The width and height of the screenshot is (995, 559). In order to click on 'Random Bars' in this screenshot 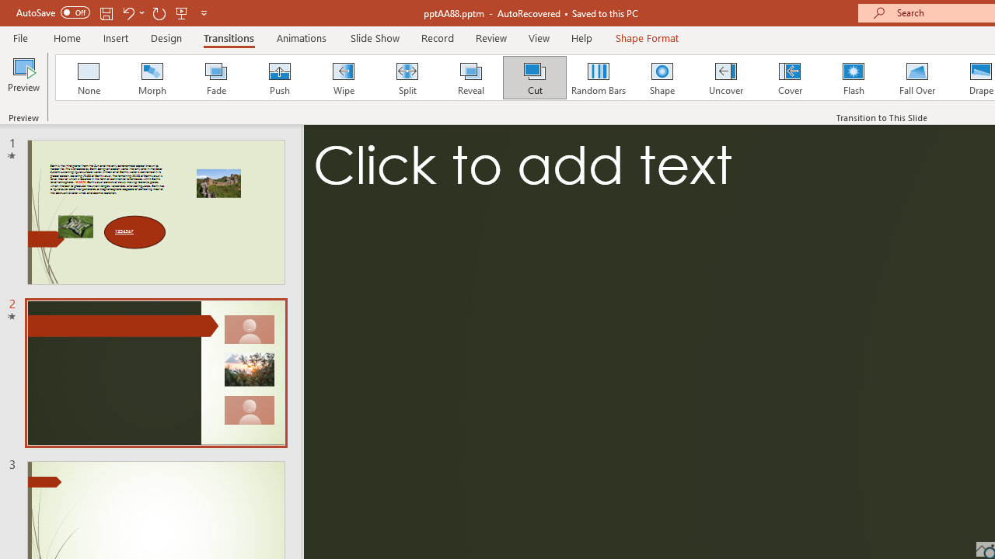, I will do `click(598, 78)`.